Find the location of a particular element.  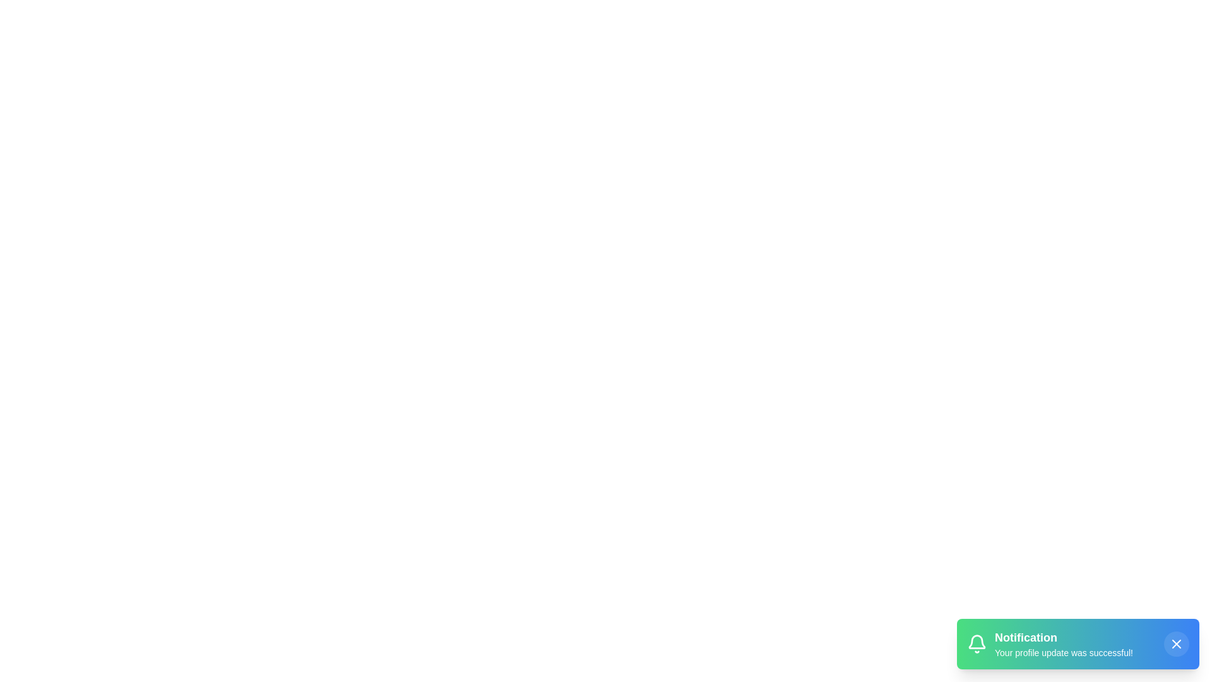

the close button to dismiss the notification is located at coordinates (1175, 643).